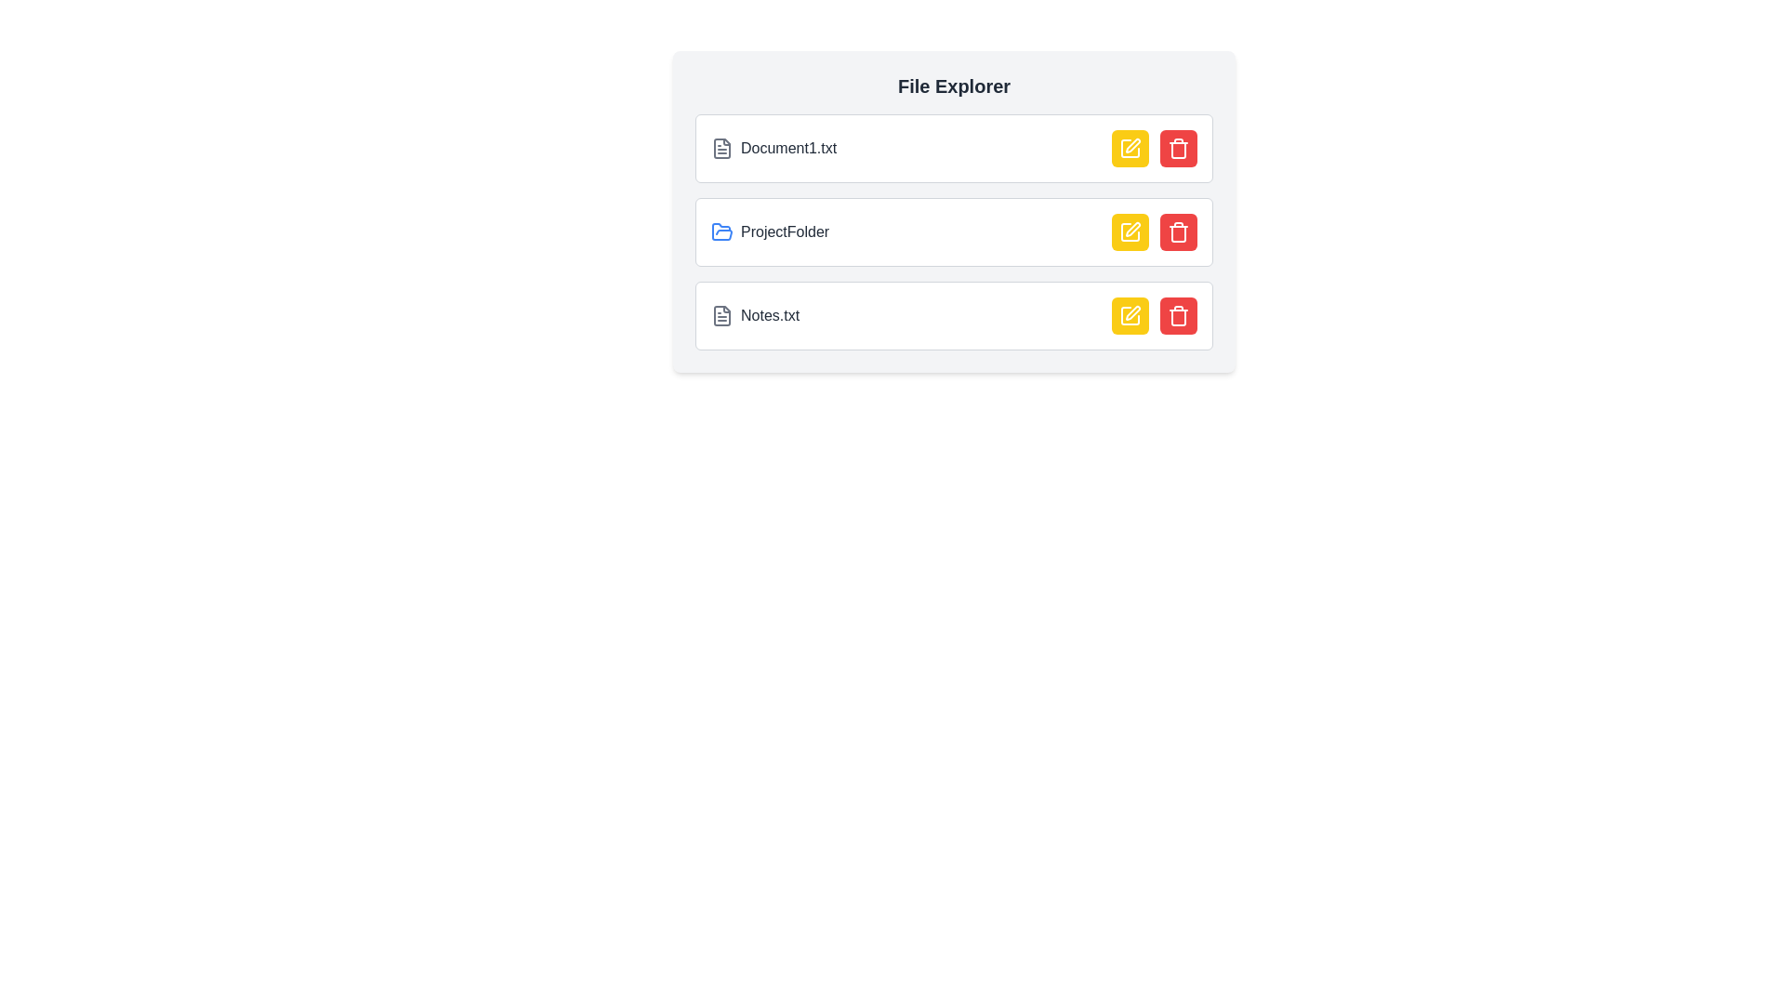 The image size is (1785, 1004). I want to click on the pen icon, which is the third edit button next to the delete button for 'Notes.txt' in the 'File Explorer' component, so click(1129, 314).